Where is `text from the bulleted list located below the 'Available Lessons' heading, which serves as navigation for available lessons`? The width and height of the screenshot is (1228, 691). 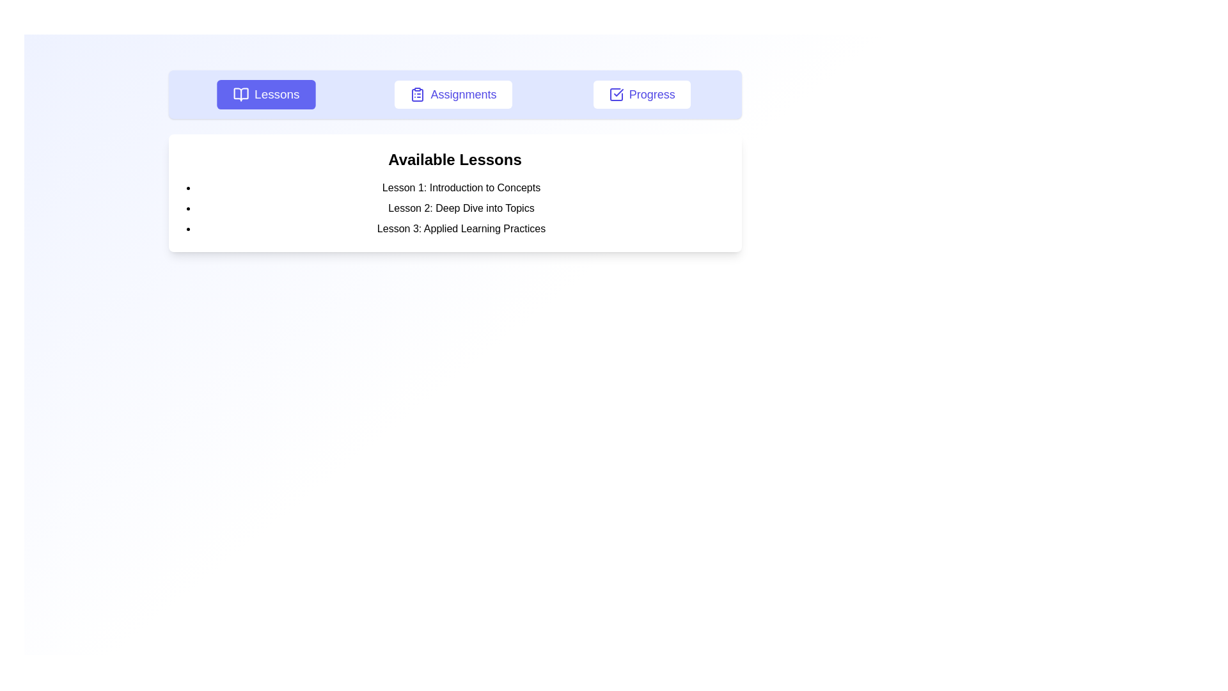 text from the bulleted list located below the 'Available Lessons' heading, which serves as navigation for available lessons is located at coordinates (455, 208).